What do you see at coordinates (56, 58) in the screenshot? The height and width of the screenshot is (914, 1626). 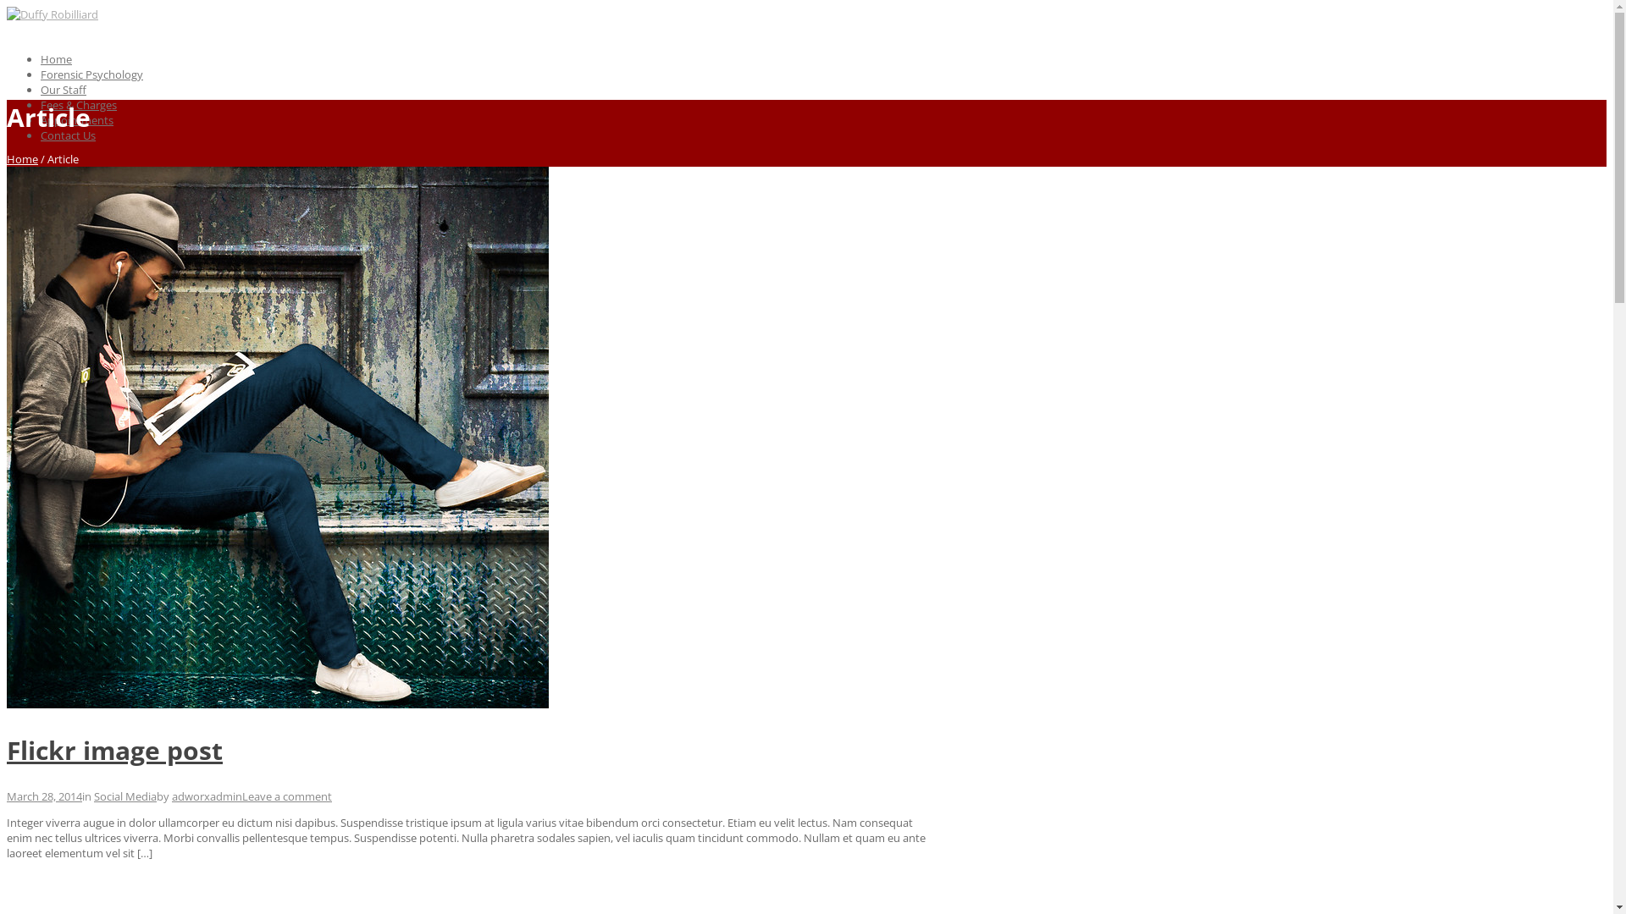 I see `'Home'` at bounding box center [56, 58].